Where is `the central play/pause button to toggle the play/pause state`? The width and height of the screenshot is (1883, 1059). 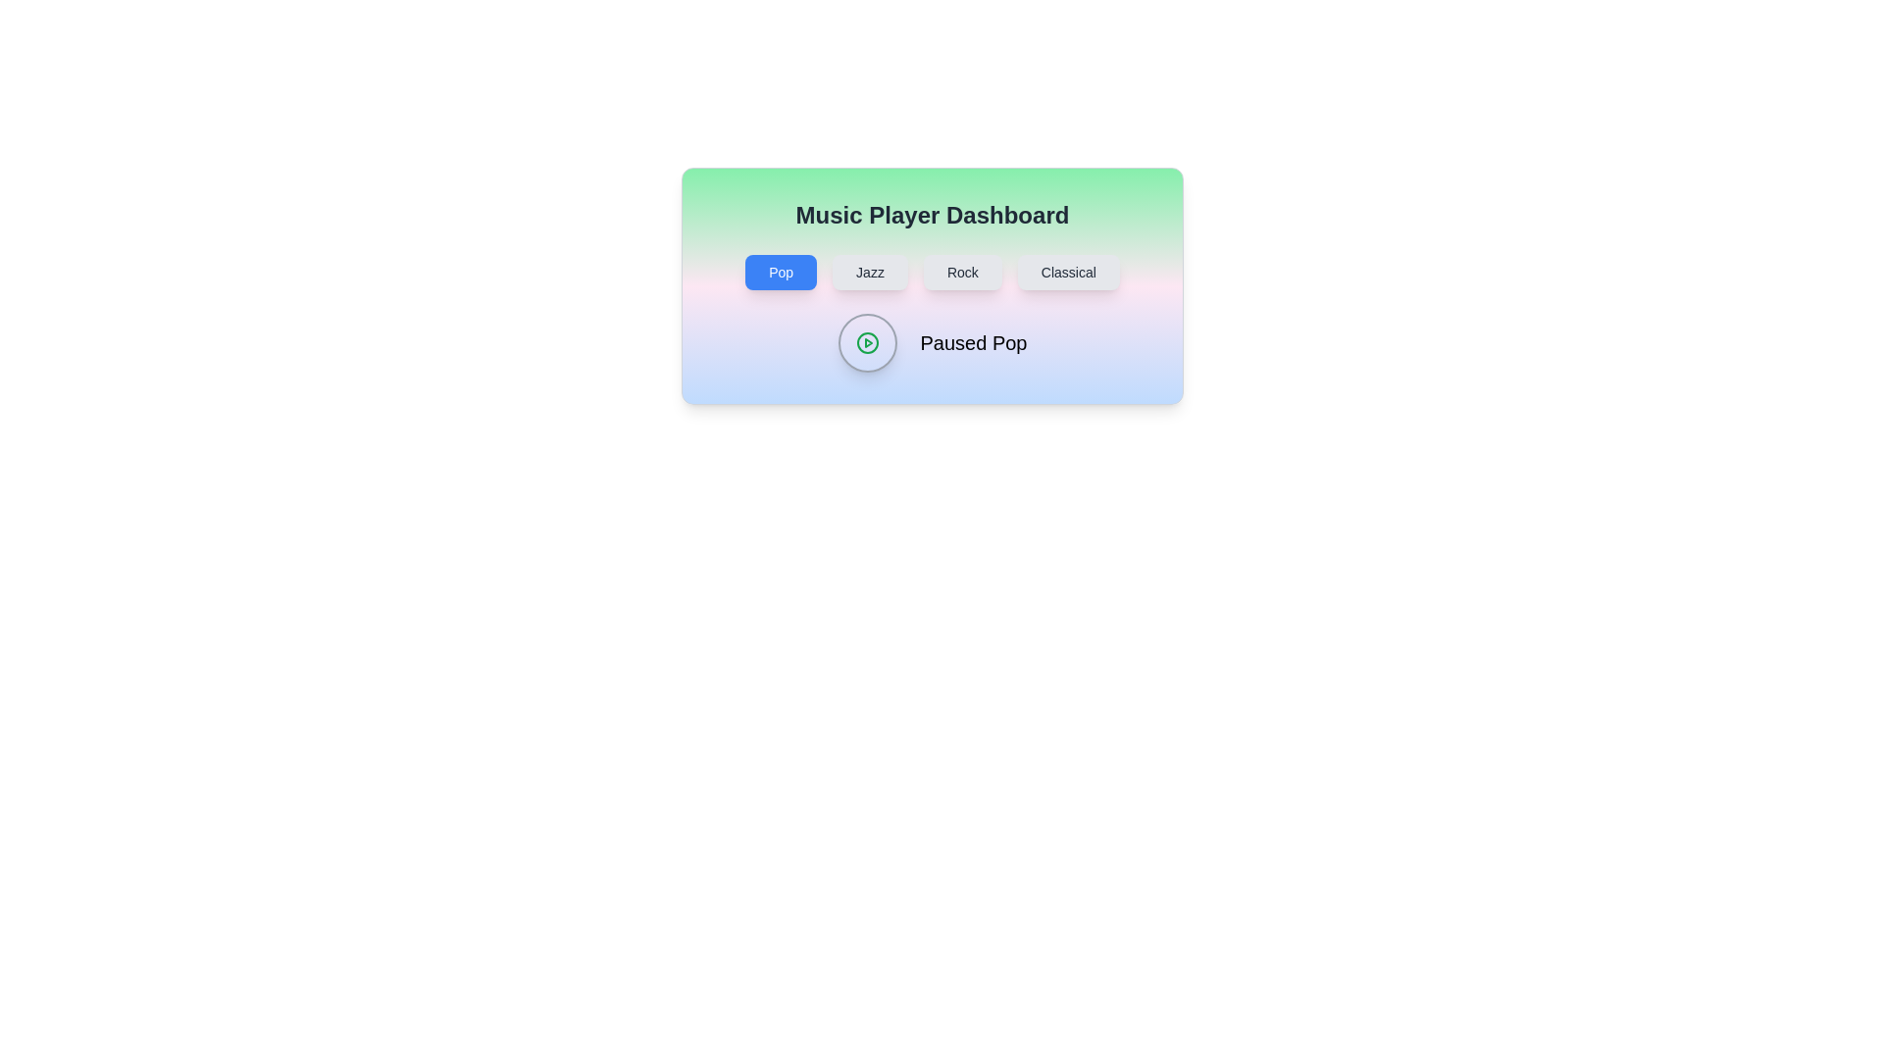 the central play/pause button to toggle the play/pause state is located at coordinates (866, 342).